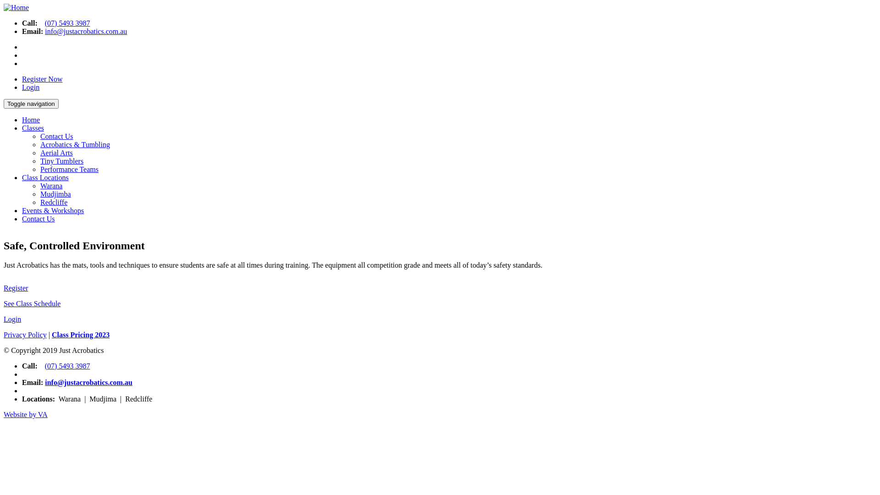 The image size is (880, 495). Describe the element at coordinates (55, 193) in the screenshot. I see `'Mudjimba'` at that location.